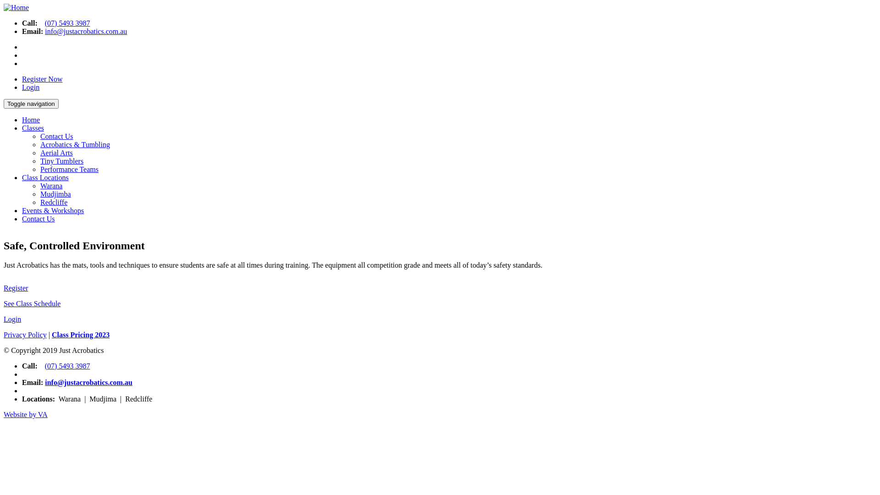 The image size is (880, 495). Describe the element at coordinates (55, 193) in the screenshot. I see `'Mudjimba'` at that location.